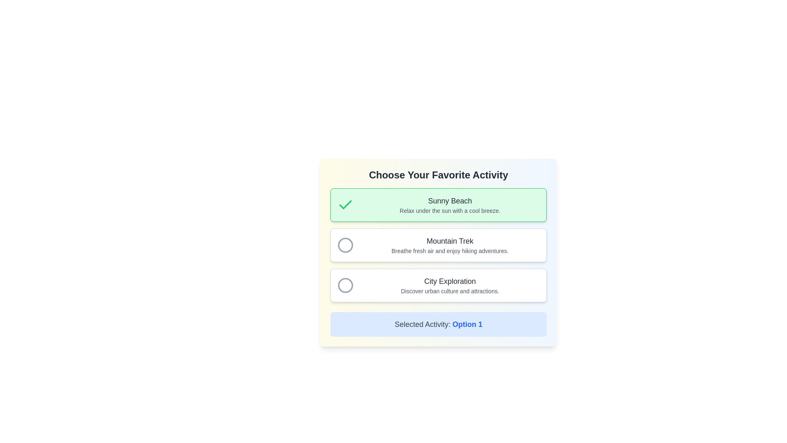 This screenshot has width=787, height=443. What do you see at coordinates (467, 324) in the screenshot?
I see `the text label displaying 'Option 1' in bold blue font within the 'Selected Activity' panel, located at the bottom of the activity selection box` at bounding box center [467, 324].